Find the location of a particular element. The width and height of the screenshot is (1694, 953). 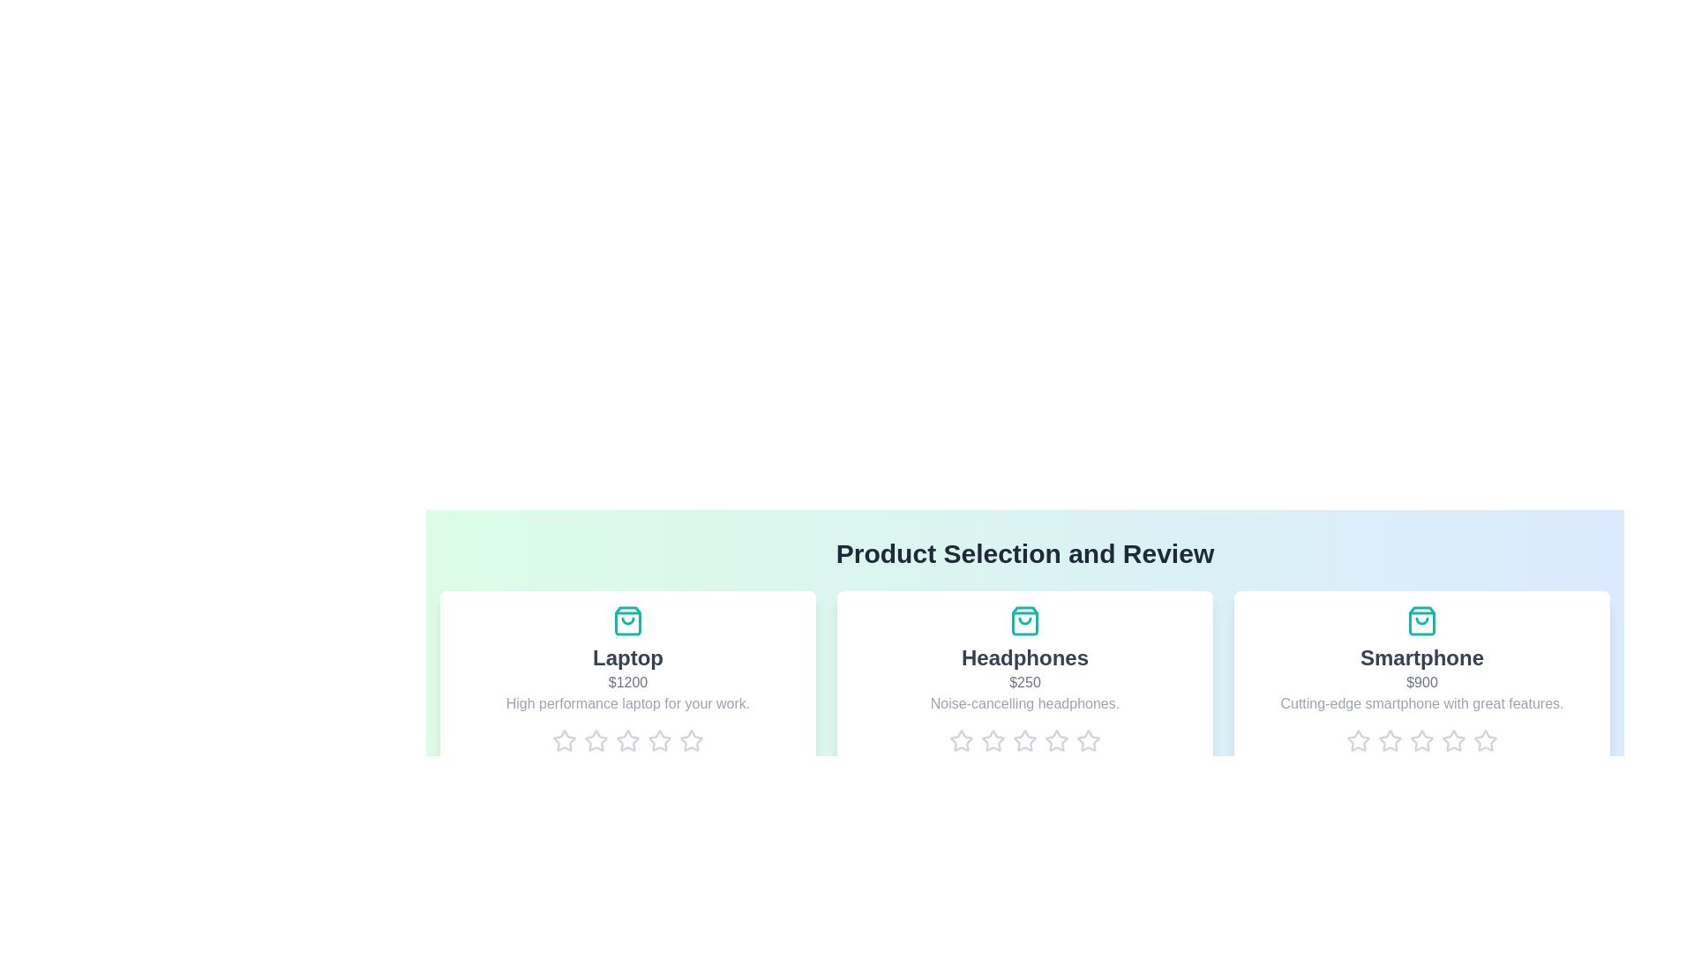

the rating for a product to 4 stars by clicking on the corresponding star icon is located at coordinates (659, 741).